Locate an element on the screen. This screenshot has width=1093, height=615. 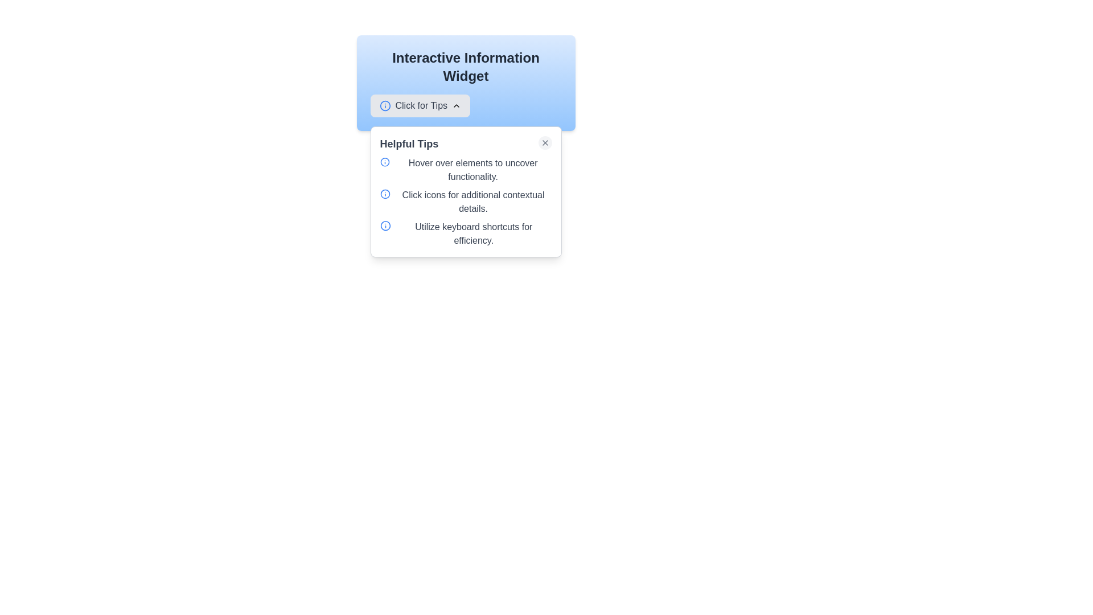
the 'Click for Tips' button is located at coordinates (420, 105).